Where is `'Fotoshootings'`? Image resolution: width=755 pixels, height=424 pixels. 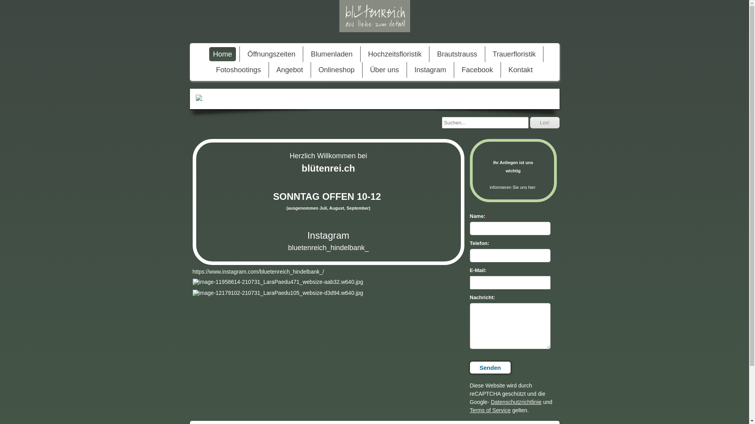 'Fotoshootings' is located at coordinates (238, 69).